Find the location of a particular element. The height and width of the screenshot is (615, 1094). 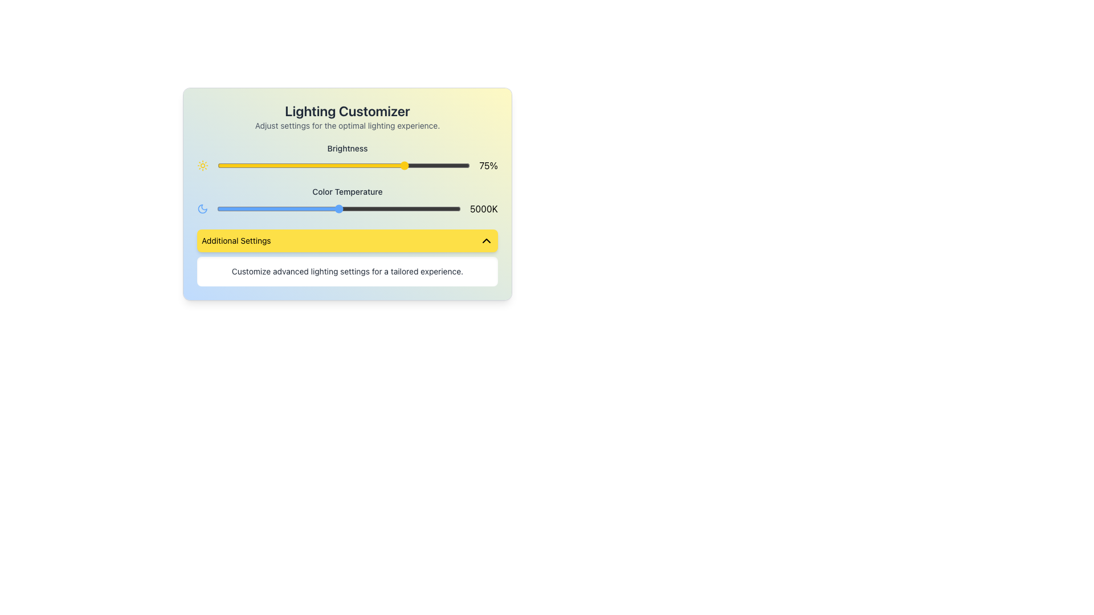

brightness is located at coordinates (283, 165).